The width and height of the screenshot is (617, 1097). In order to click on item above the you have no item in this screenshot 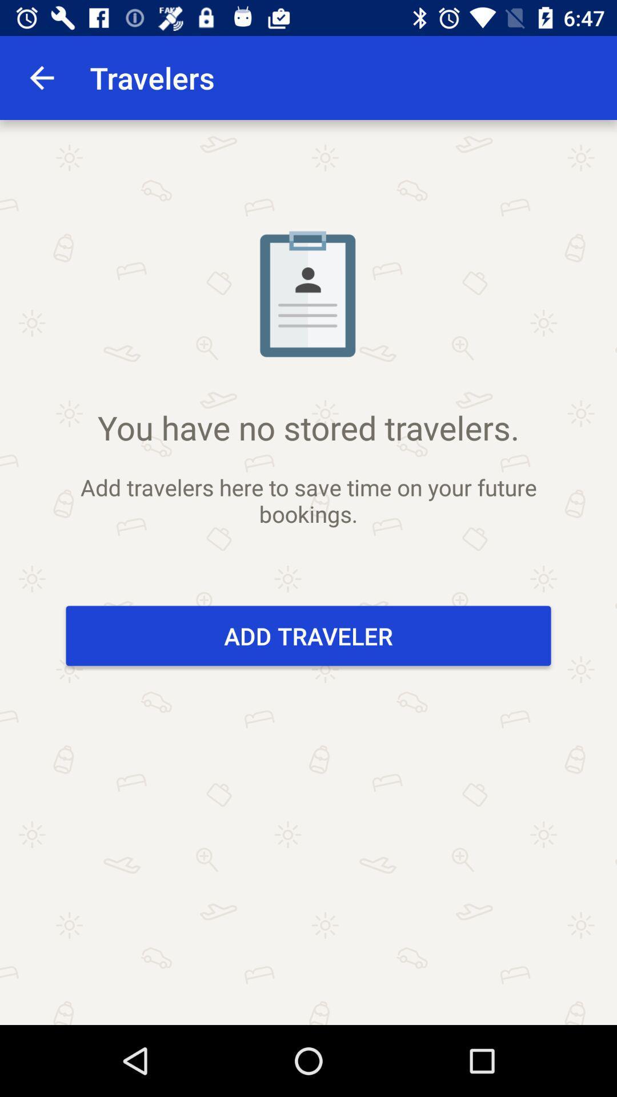, I will do `click(41, 77)`.